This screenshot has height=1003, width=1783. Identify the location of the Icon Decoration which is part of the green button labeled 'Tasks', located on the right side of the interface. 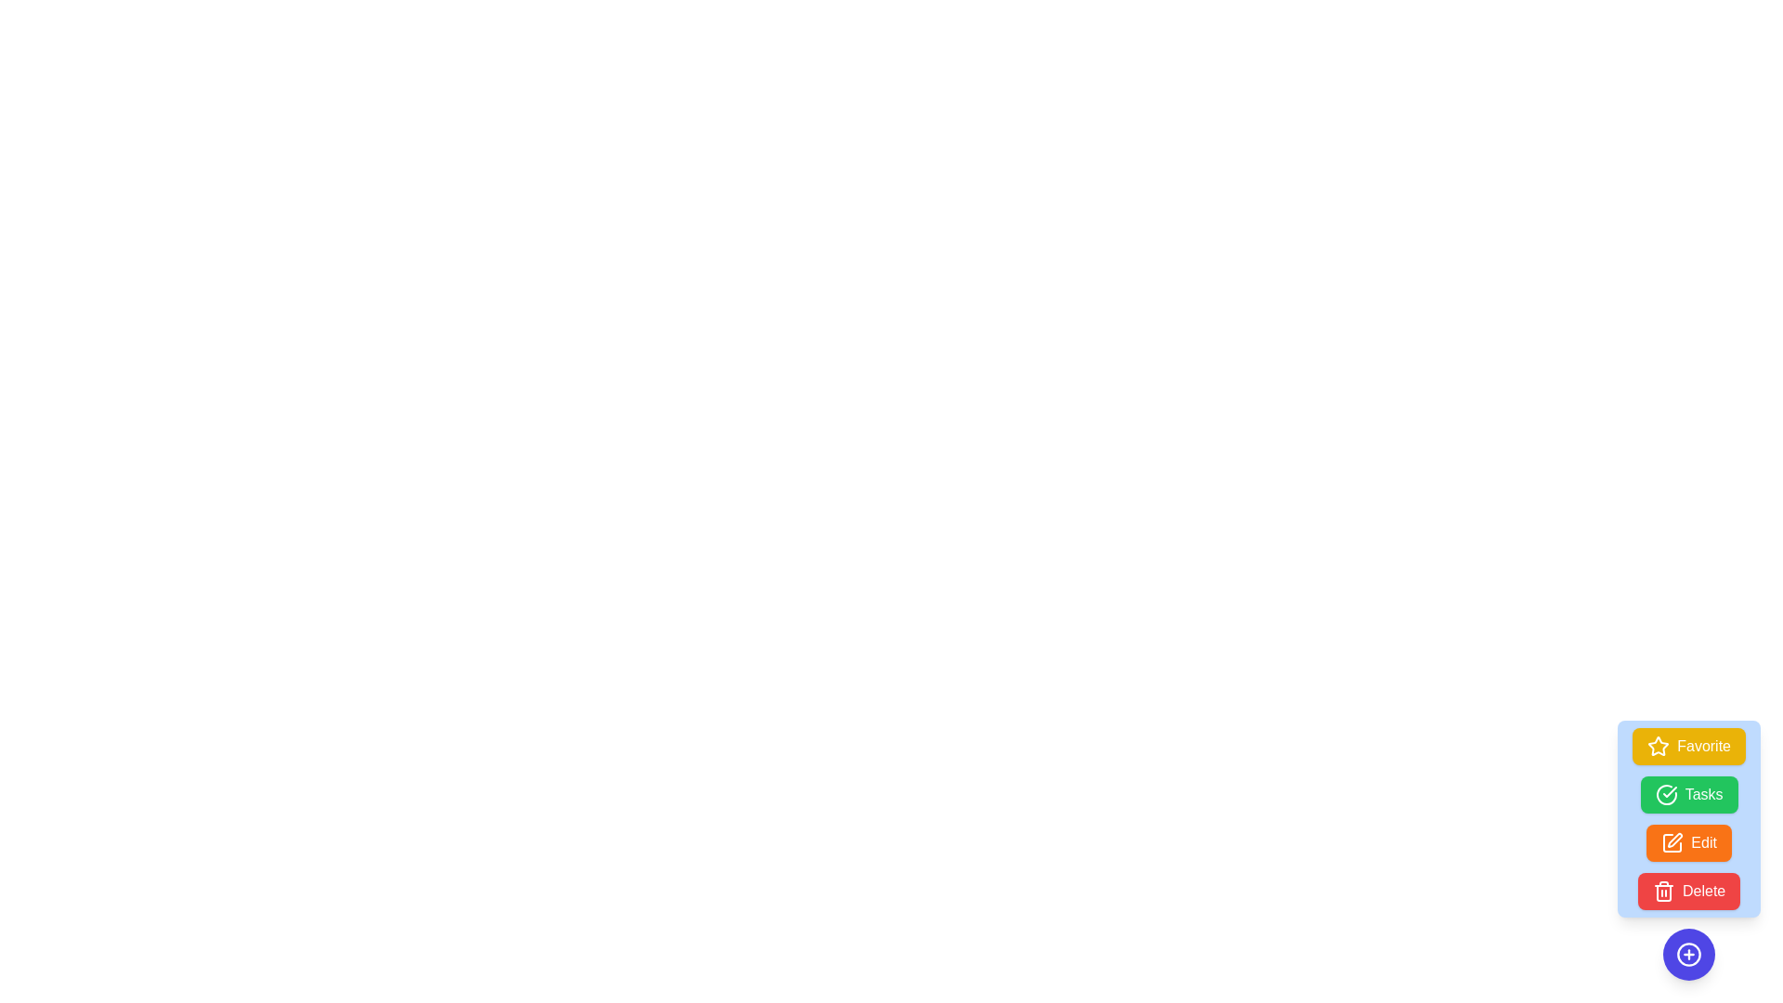
(1670, 791).